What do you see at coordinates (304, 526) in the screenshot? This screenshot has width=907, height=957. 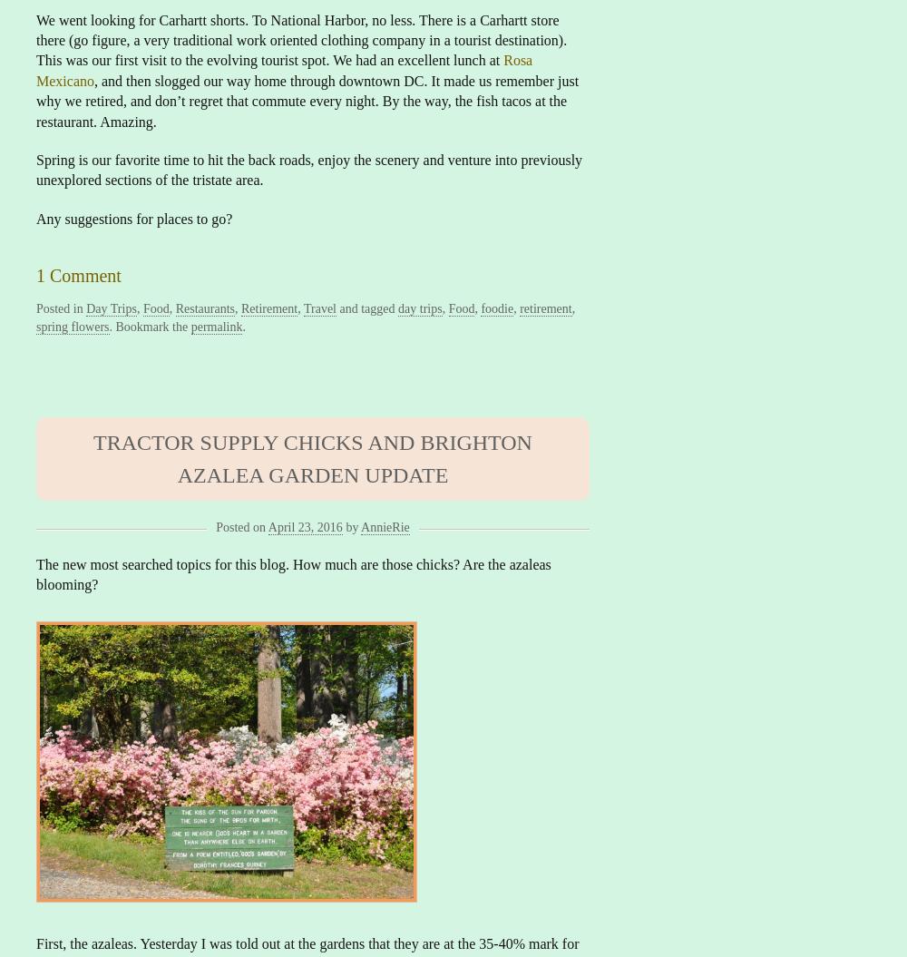 I see `'April 23, 2016'` at bounding box center [304, 526].